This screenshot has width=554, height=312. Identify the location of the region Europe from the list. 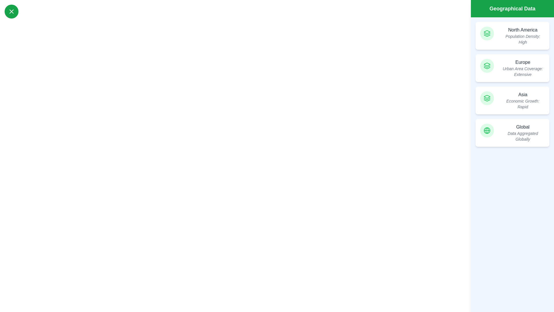
(512, 68).